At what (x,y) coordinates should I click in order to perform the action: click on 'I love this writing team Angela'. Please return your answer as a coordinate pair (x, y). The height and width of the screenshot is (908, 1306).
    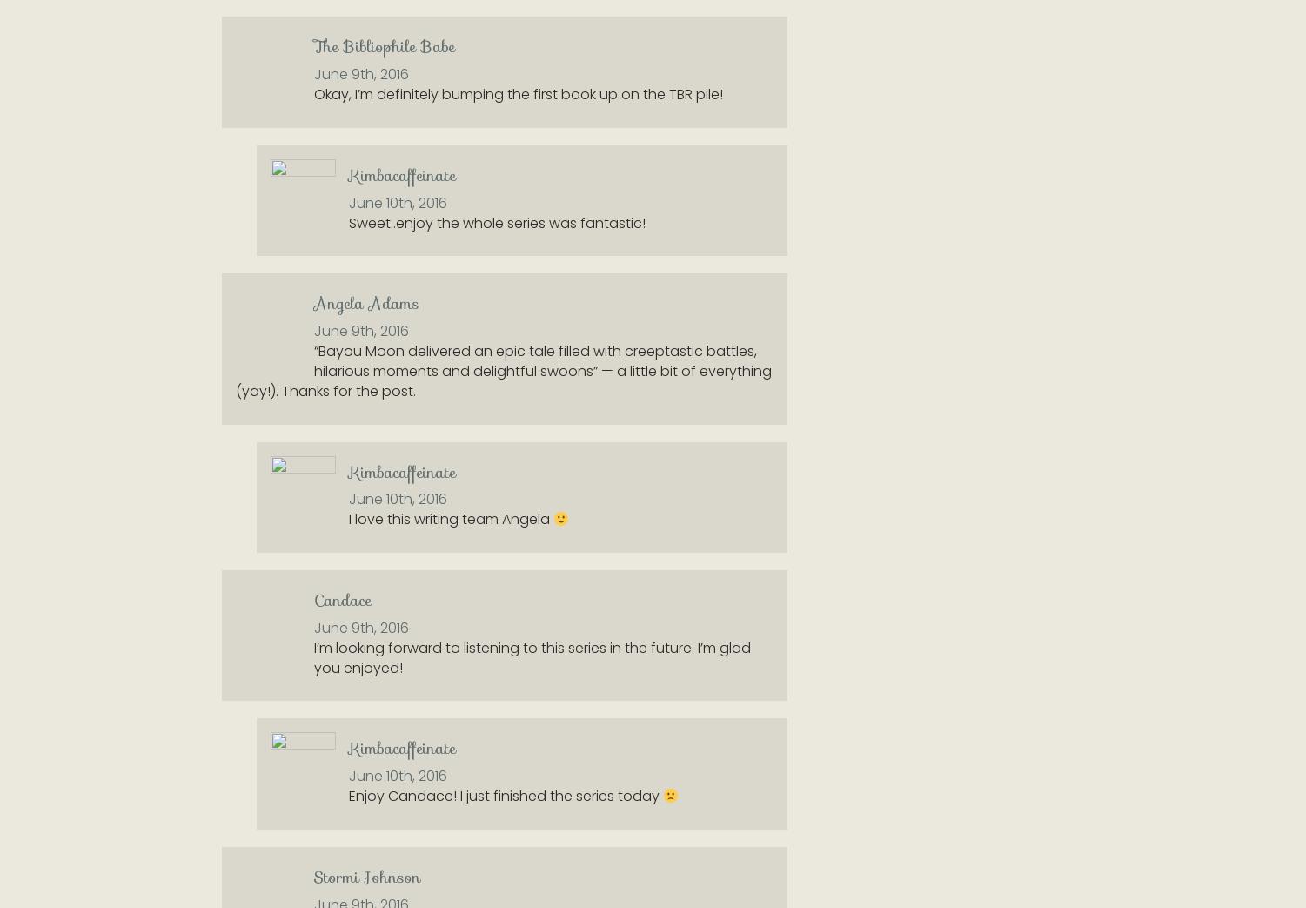
    Looking at the image, I should click on (450, 519).